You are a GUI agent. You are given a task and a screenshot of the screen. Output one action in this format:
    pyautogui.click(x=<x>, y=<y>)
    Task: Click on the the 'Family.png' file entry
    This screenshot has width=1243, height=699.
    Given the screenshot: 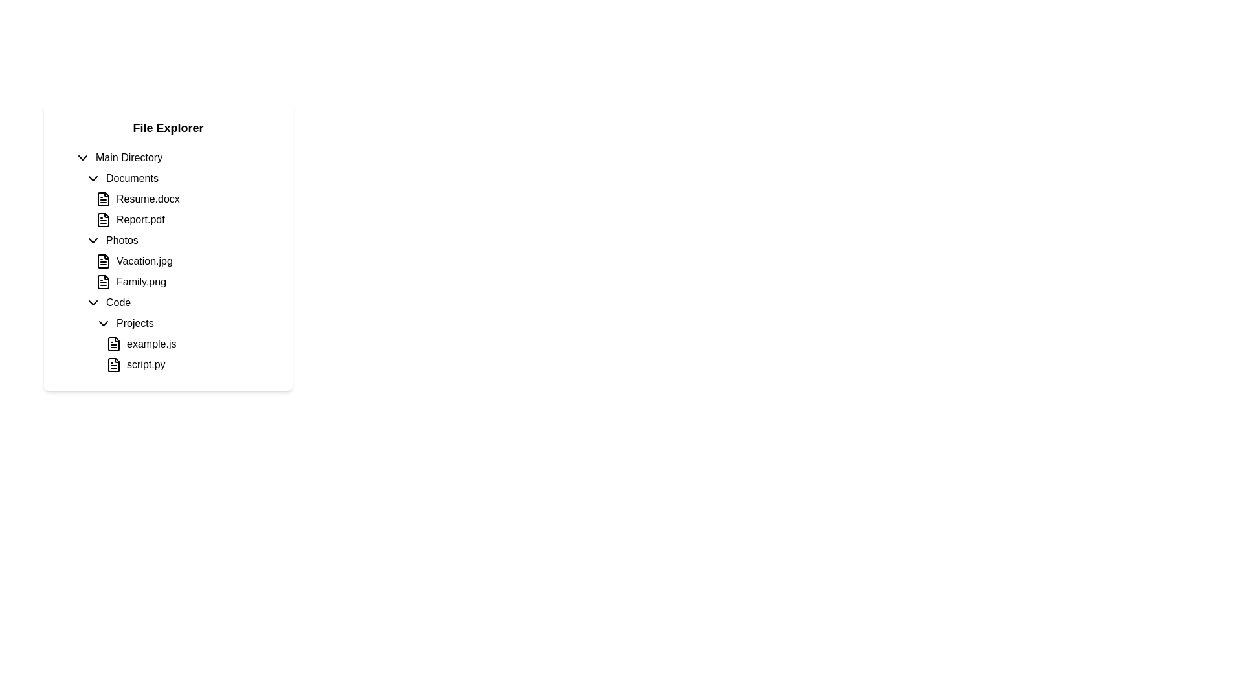 What is the action you would take?
    pyautogui.click(x=183, y=281)
    